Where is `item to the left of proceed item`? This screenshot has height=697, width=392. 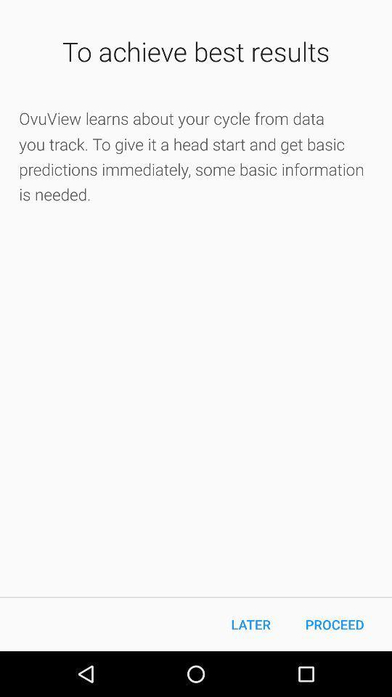
item to the left of proceed item is located at coordinates (250, 624).